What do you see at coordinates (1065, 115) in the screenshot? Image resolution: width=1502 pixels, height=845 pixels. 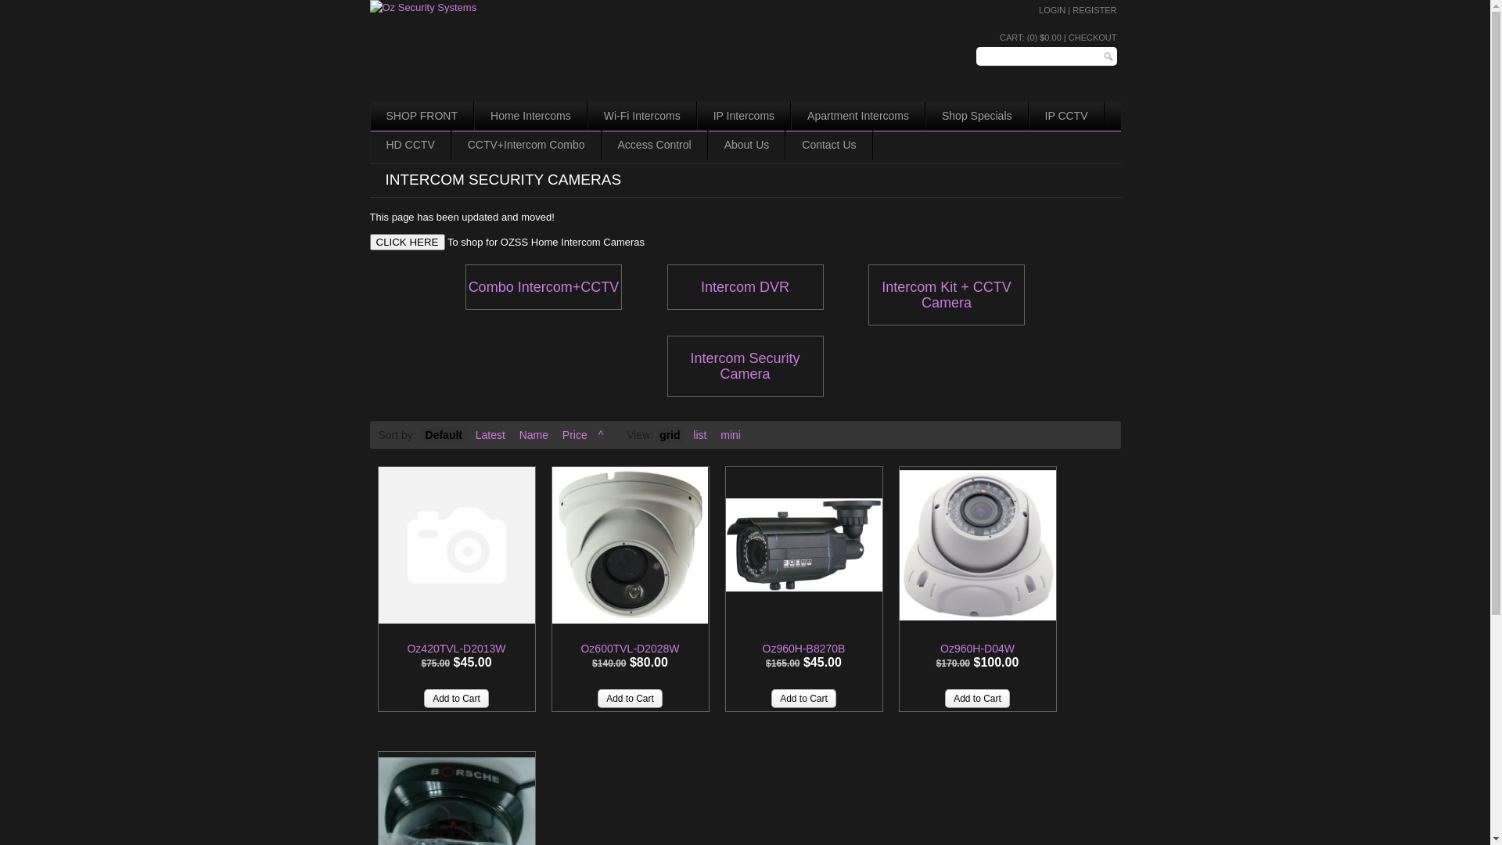 I see `'IP CCTV'` at bounding box center [1065, 115].